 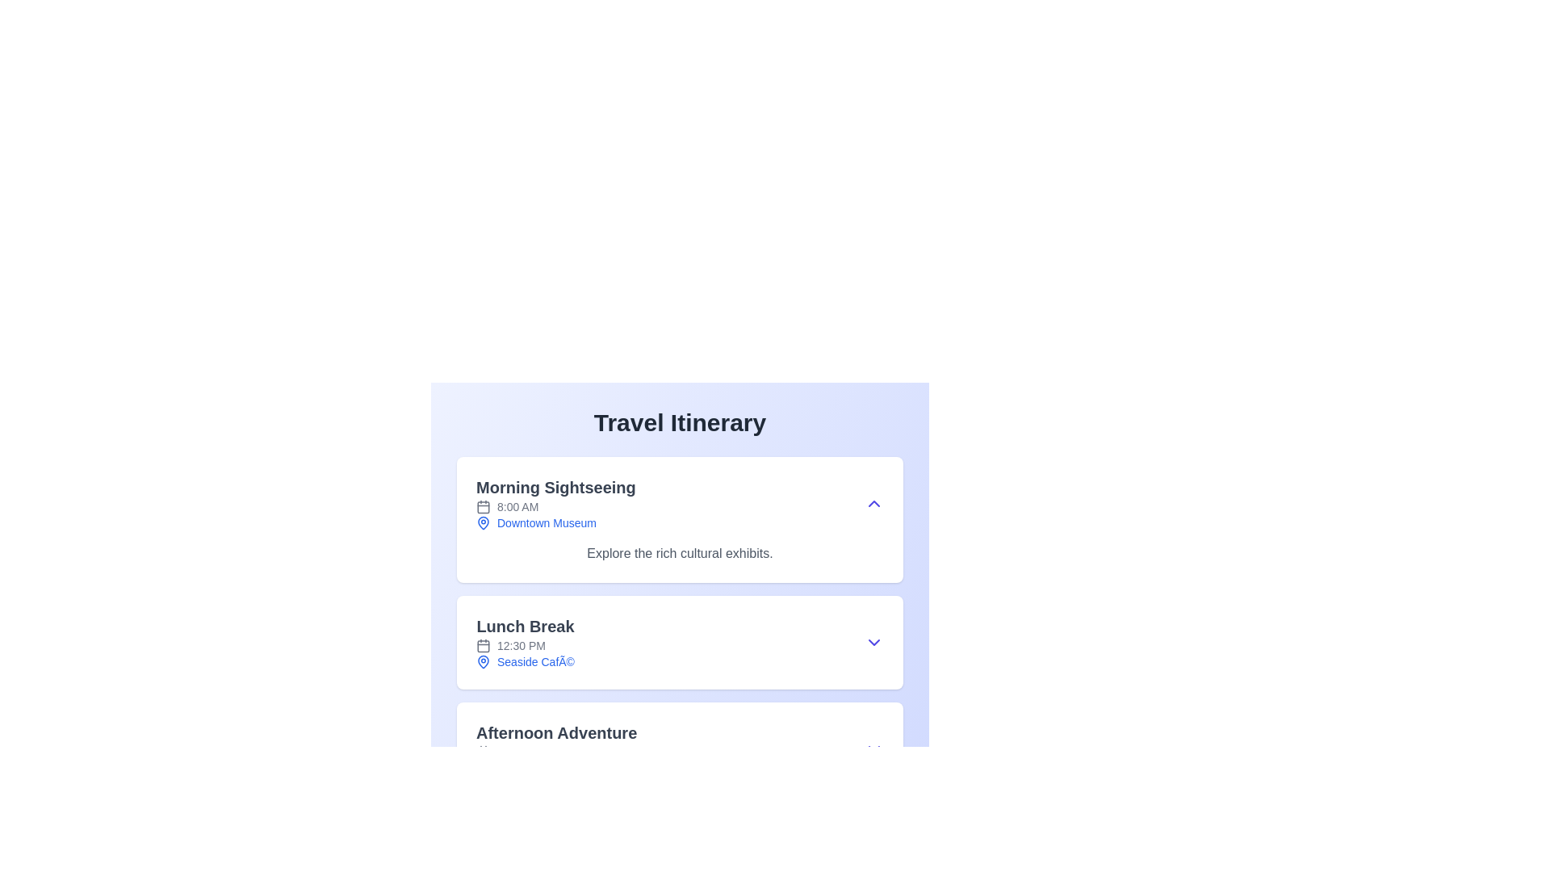 What do you see at coordinates (680, 553) in the screenshot?
I see `the text element providing a brief description about the 'Morning Sightseeing' segment in the schedule, located at the bottom of the section` at bounding box center [680, 553].